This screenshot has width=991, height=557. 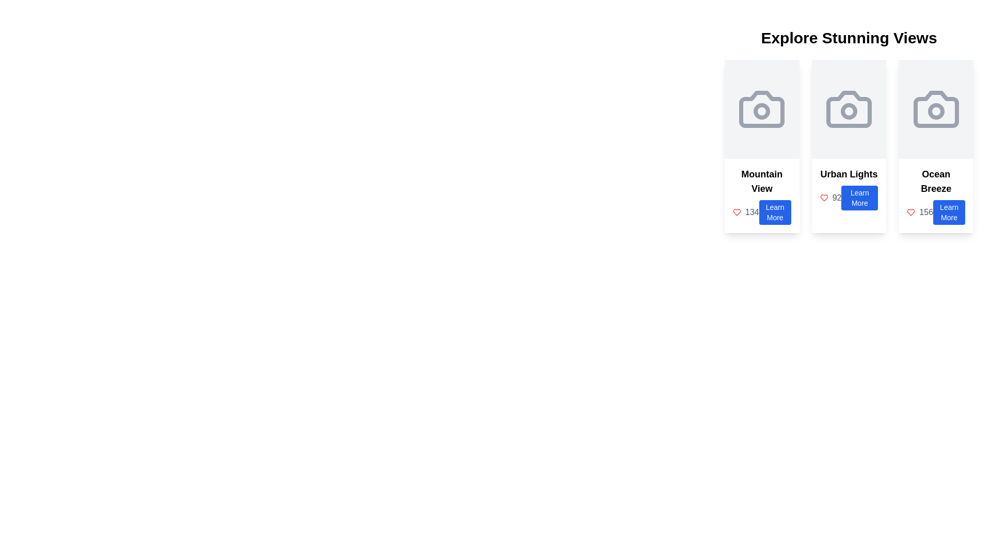 What do you see at coordinates (849, 111) in the screenshot?
I see `the graphical accent or decorative shape located within the camera icon in the second column titled 'Urban Lights' under the 'Explore Stunning Views' layout` at bounding box center [849, 111].